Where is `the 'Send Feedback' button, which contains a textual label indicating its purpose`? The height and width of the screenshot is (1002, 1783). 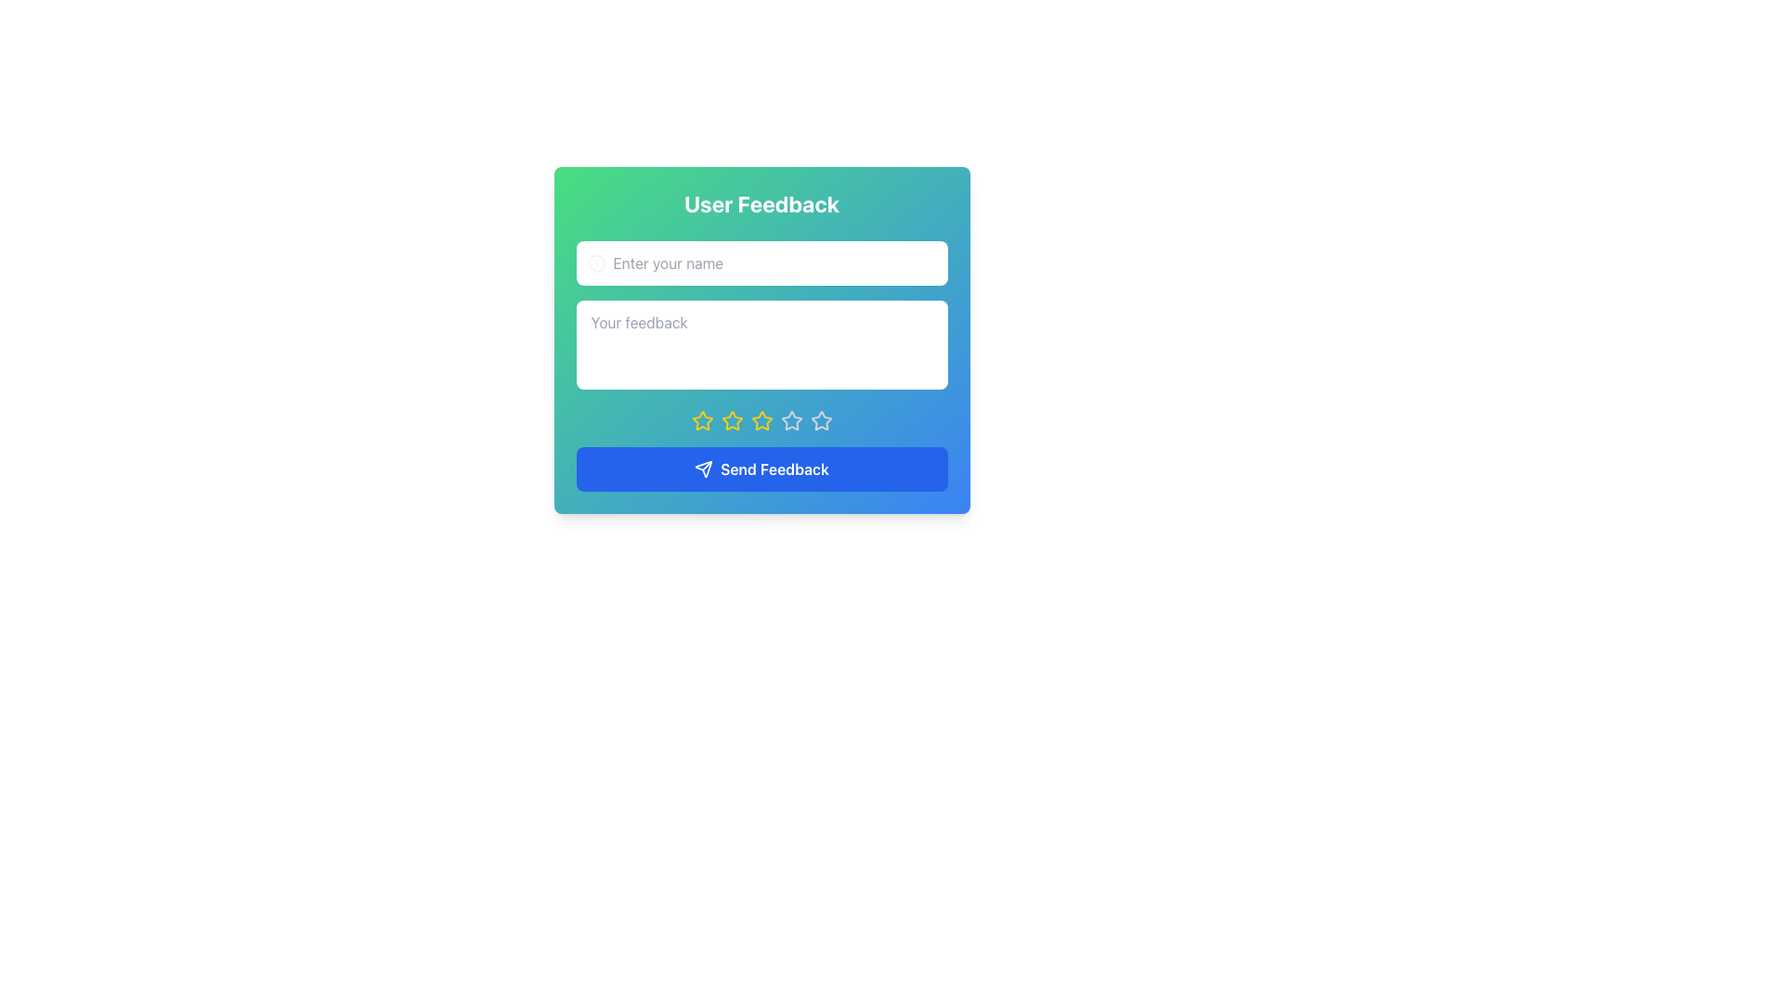 the 'Send Feedback' button, which contains a textual label indicating its purpose is located at coordinates (774, 468).